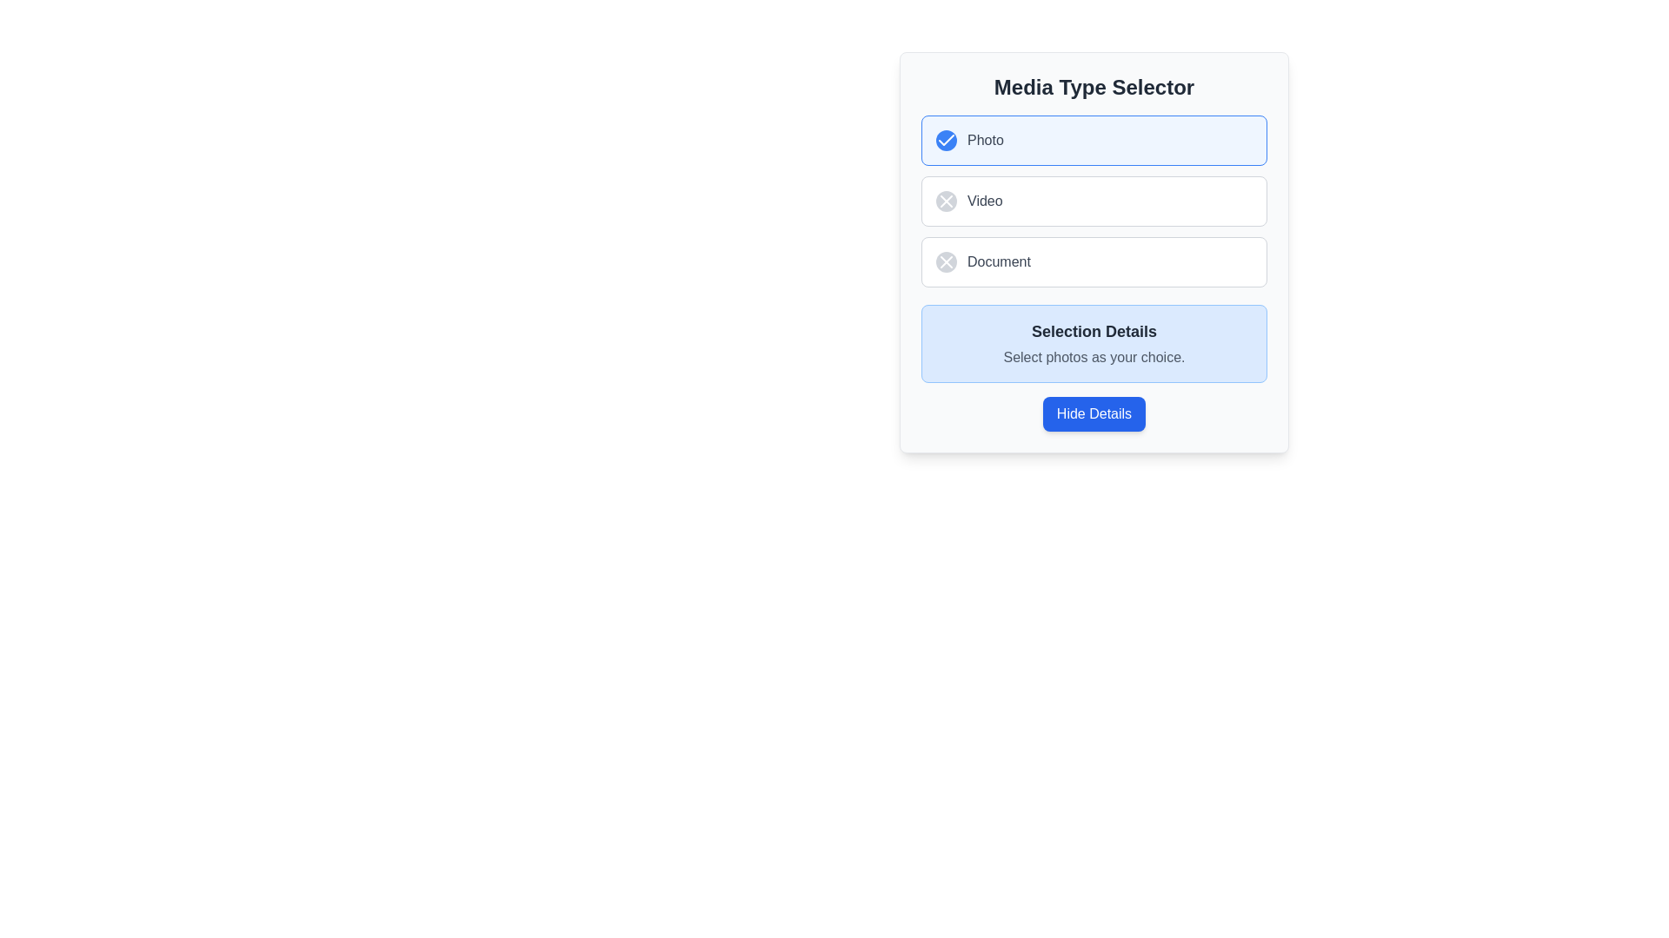 Image resolution: width=1669 pixels, height=938 pixels. I want to click on the 'Document' radio button, which is the third option in a vertical radio button group, to trigger a hover effect such as scaling or highlighting, so click(1093, 261).